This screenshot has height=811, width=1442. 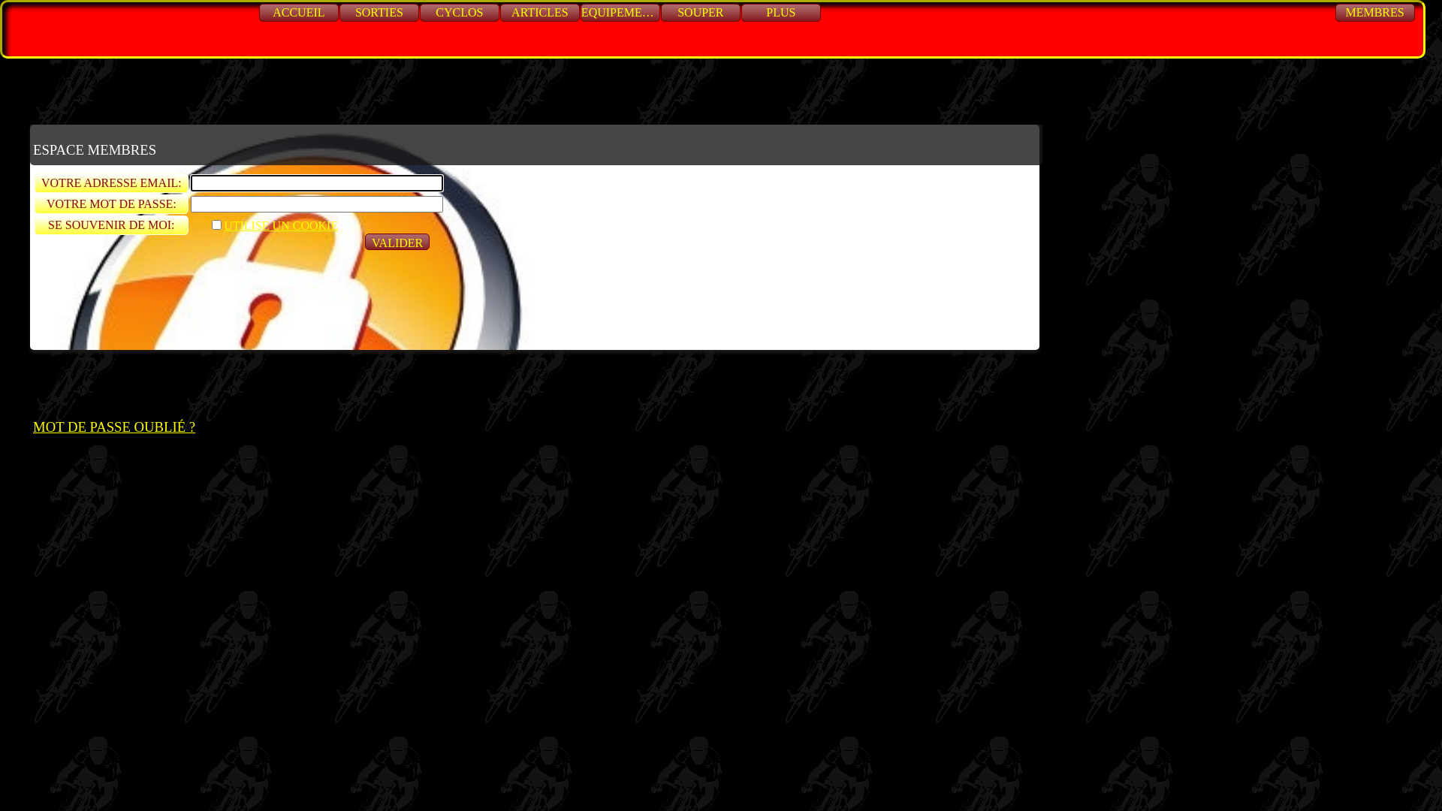 What do you see at coordinates (259, 12) in the screenshot?
I see `'ACCUEIL'` at bounding box center [259, 12].